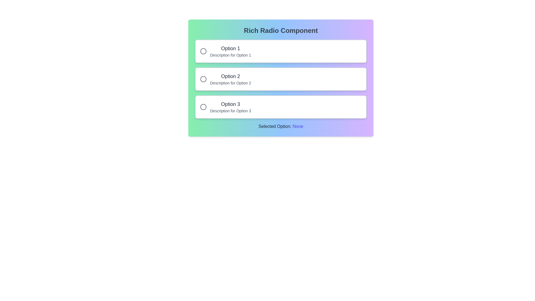 The width and height of the screenshot is (535, 301). I want to click on the supplementary description text located directly below 'Option 1', so click(230, 55).